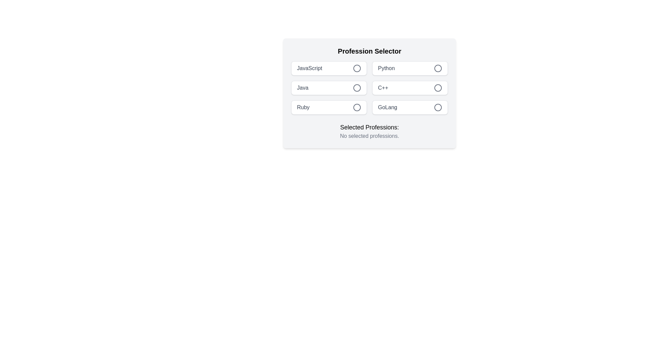  What do you see at coordinates (356, 88) in the screenshot?
I see `the empty circular radio button for the 'Java' option in the 'Profession Selector' section to provide visual feedback` at bounding box center [356, 88].